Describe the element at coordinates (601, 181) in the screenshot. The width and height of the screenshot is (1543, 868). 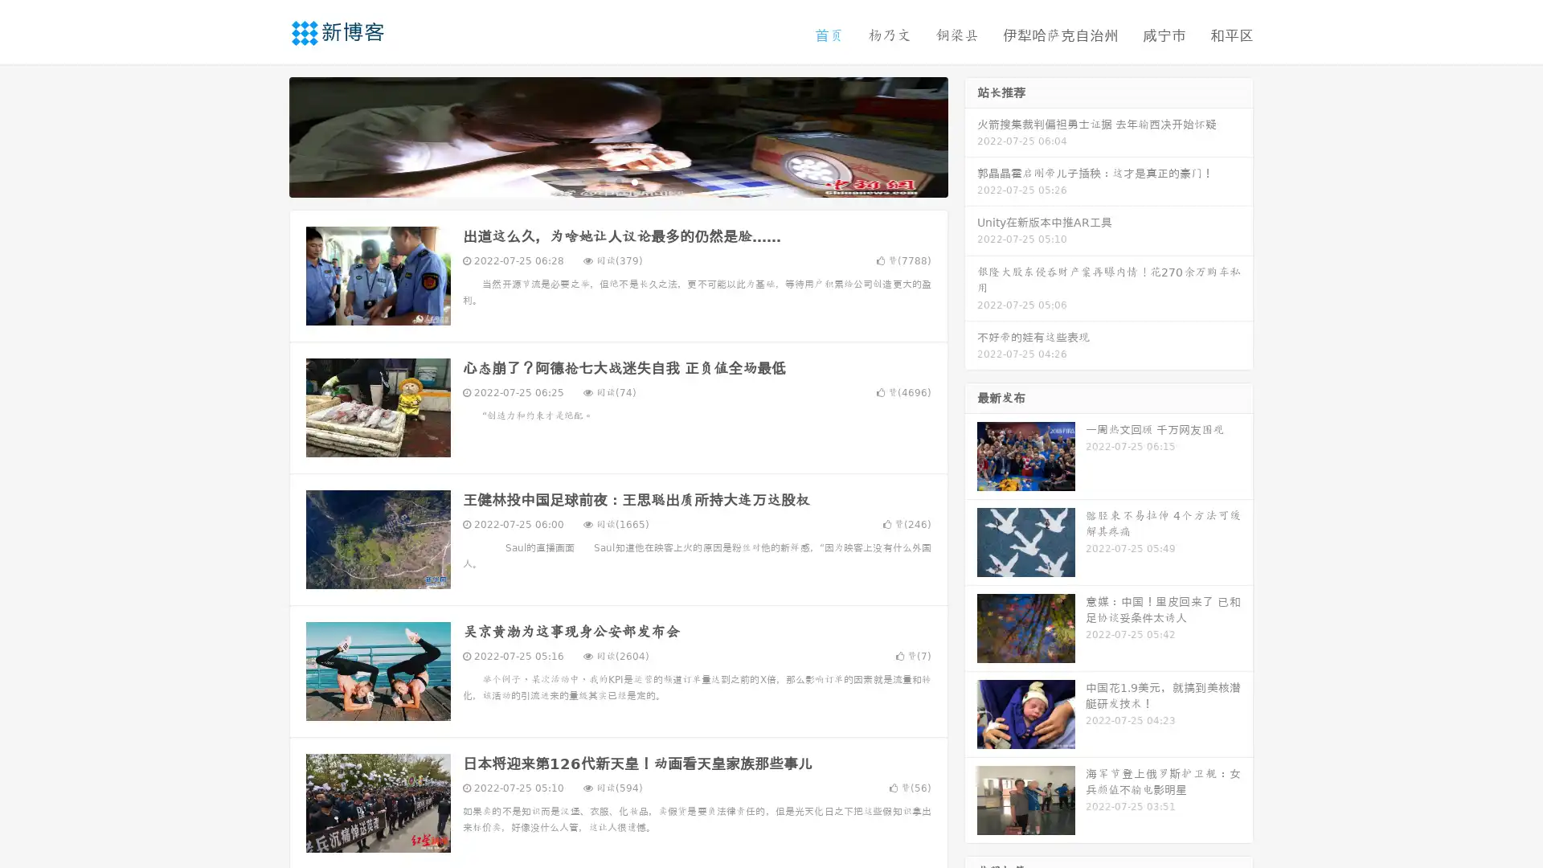
I see `Go to slide 1` at that location.